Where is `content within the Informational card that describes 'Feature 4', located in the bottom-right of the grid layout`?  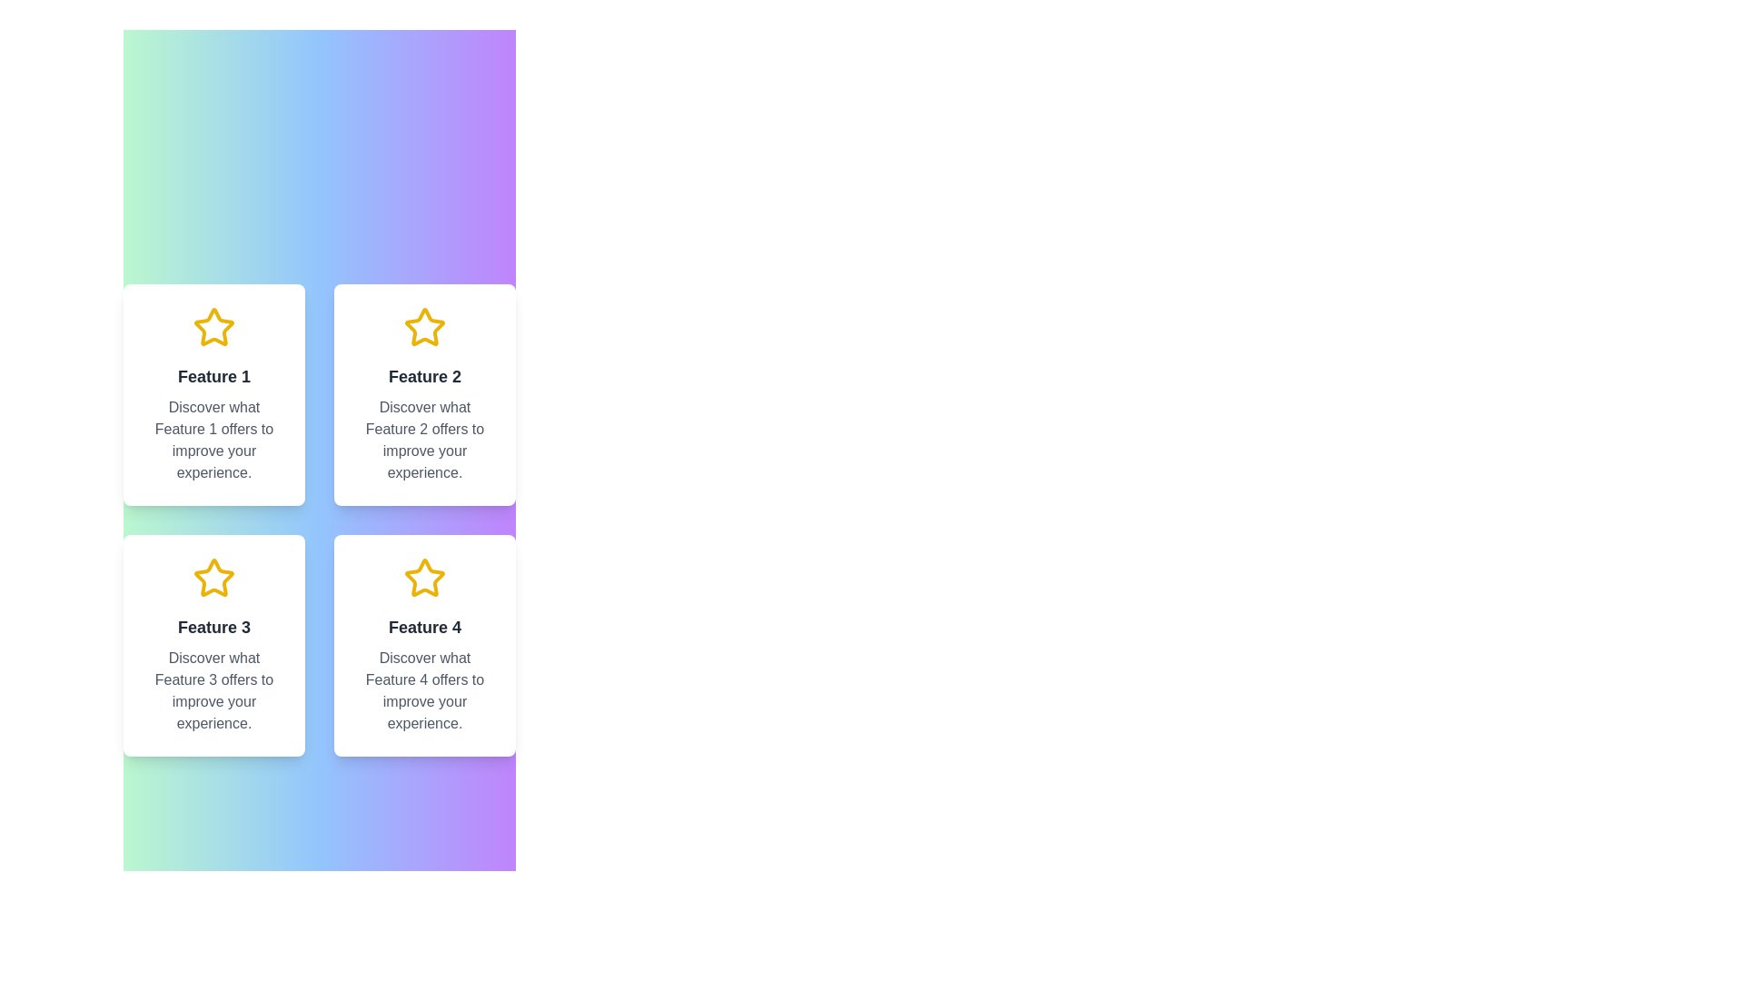 content within the Informational card that describes 'Feature 4', located in the bottom-right of the grid layout is located at coordinates (423, 644).